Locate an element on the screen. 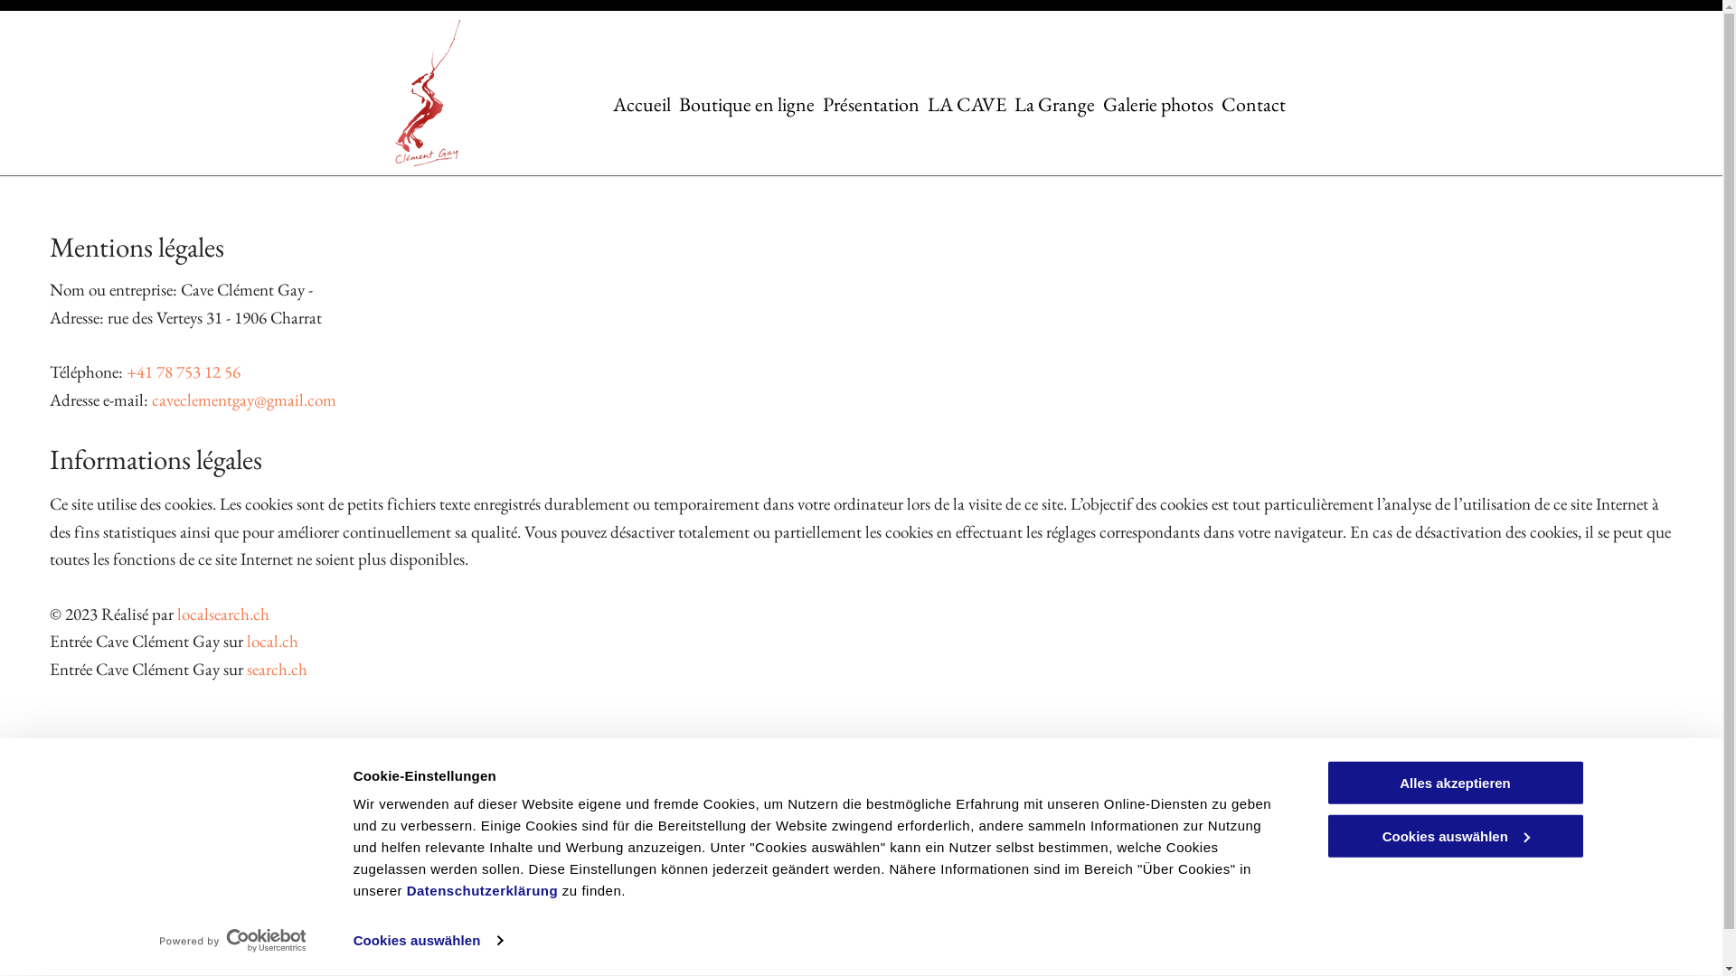  'Contact' is located at coordinates (1252, 103).